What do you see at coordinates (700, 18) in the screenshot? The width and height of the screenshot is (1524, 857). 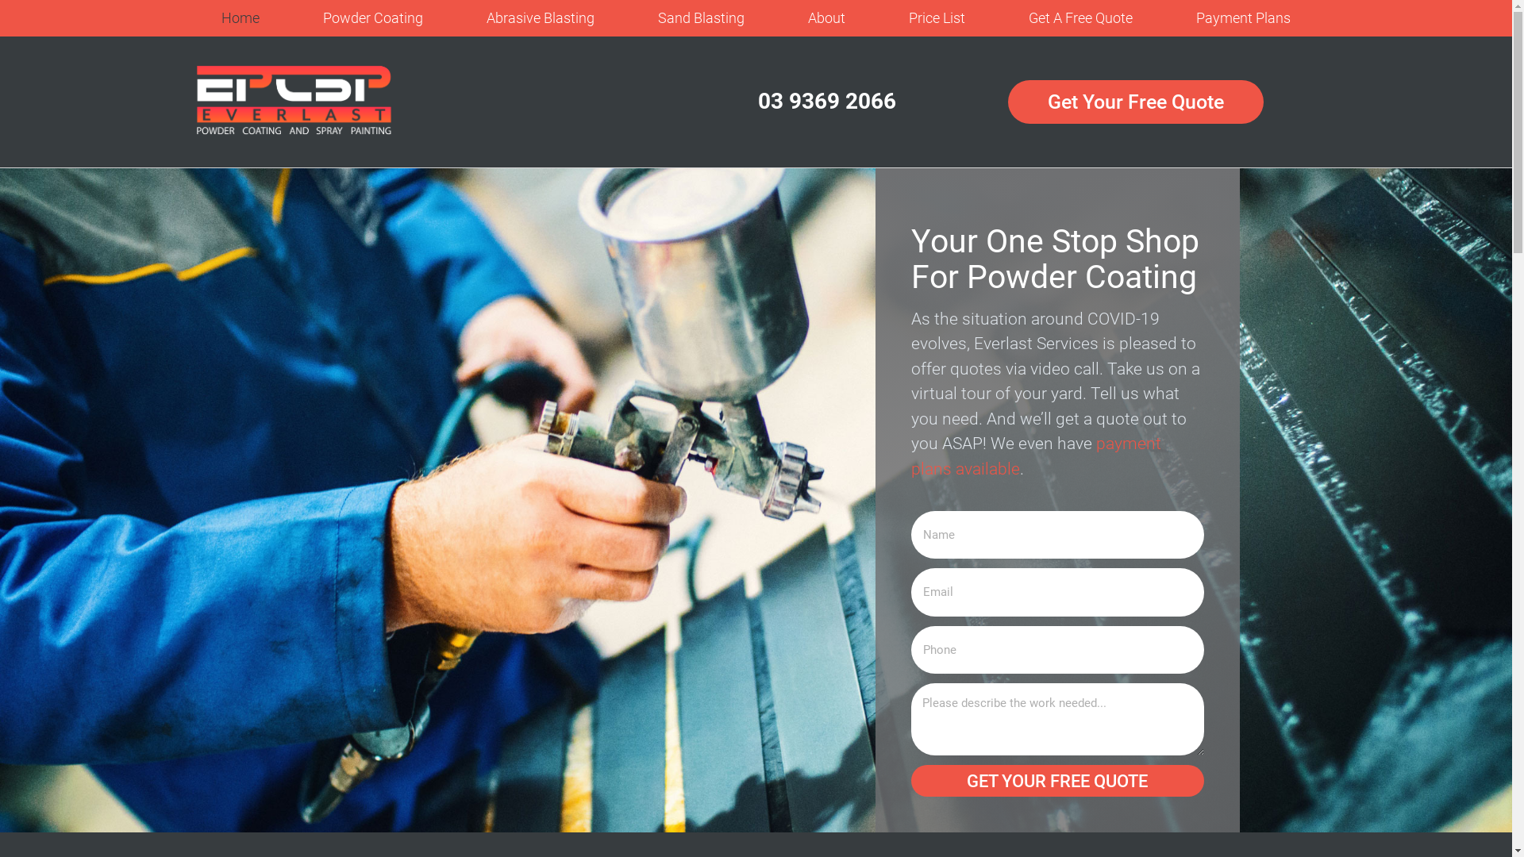 I see `'Sand Blasting'` at bounding box center [700, 18].